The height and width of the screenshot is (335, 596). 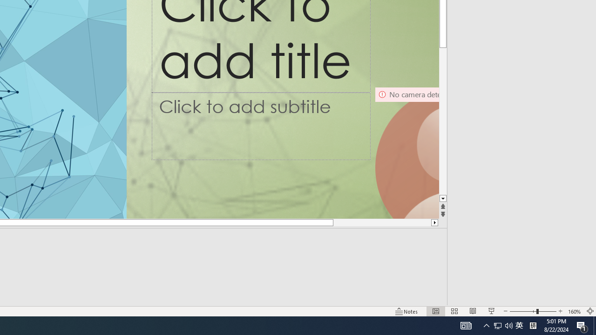 I want to click on 'Subtitle TextBox', so click(x=261, y=126).